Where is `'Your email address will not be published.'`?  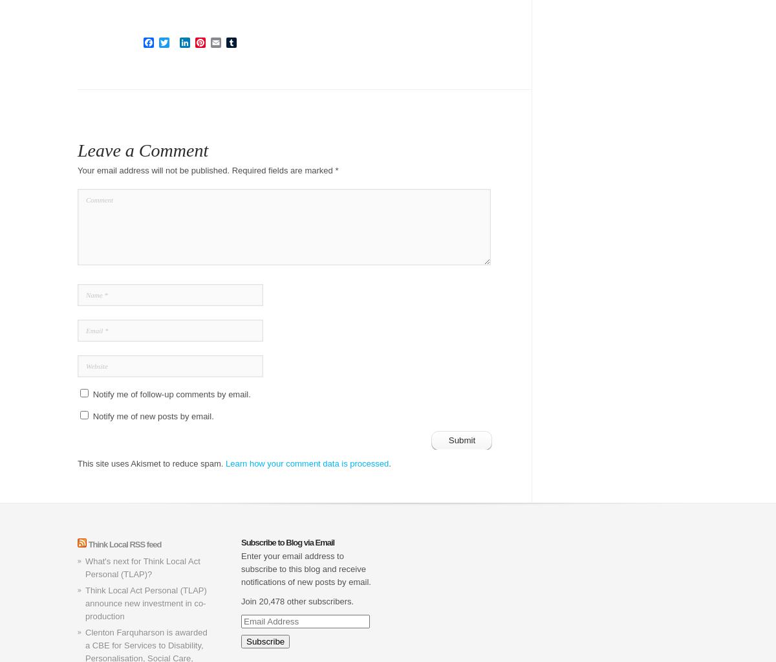 'Your email address will not be published.' is located at coordinates (78, 170).